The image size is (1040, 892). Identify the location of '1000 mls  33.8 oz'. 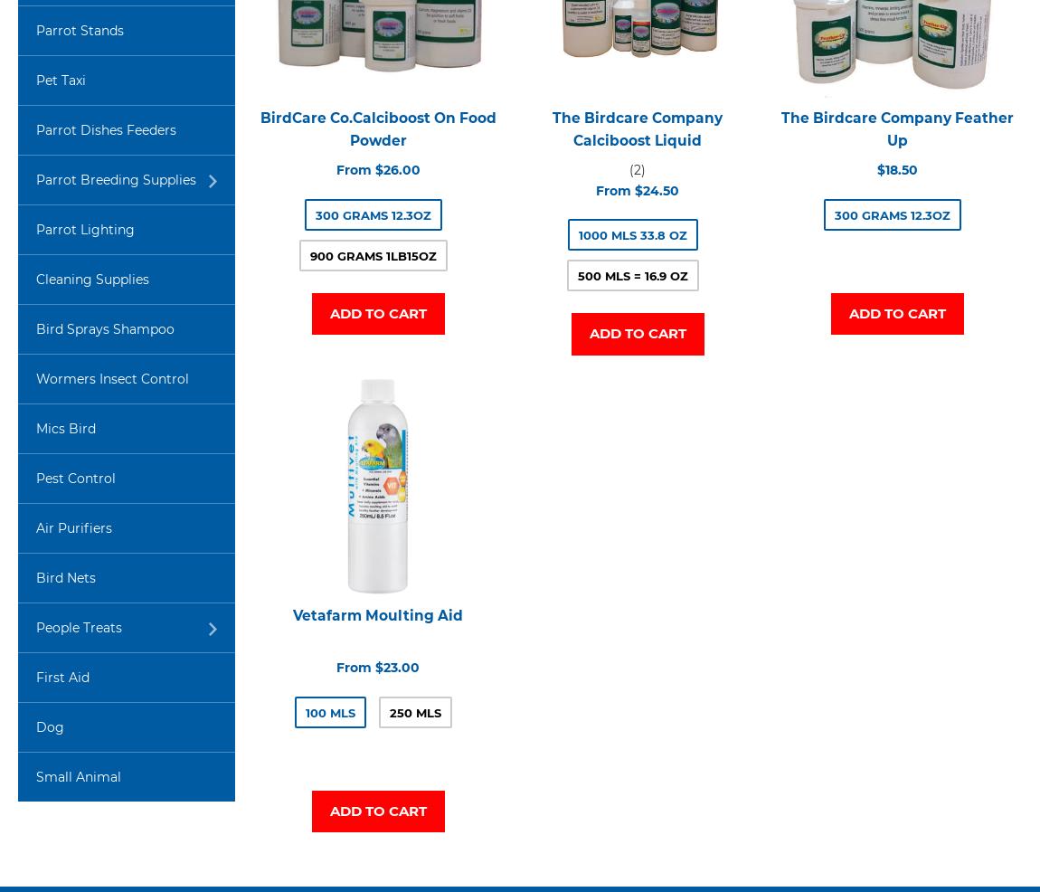
(577, 235).